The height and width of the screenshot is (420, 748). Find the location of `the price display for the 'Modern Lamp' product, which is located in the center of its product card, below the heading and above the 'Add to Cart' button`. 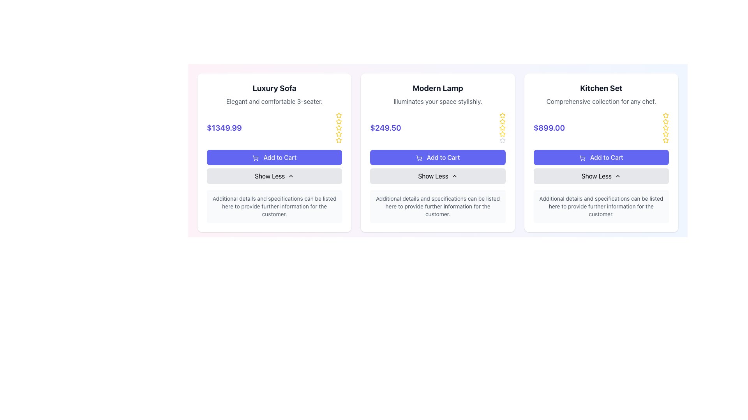

the price display for the 'Modern Lamp' product, which is located in the center of its product card, below the heading and above the 'Add to Cart' button is located at coordinates (386, 127).